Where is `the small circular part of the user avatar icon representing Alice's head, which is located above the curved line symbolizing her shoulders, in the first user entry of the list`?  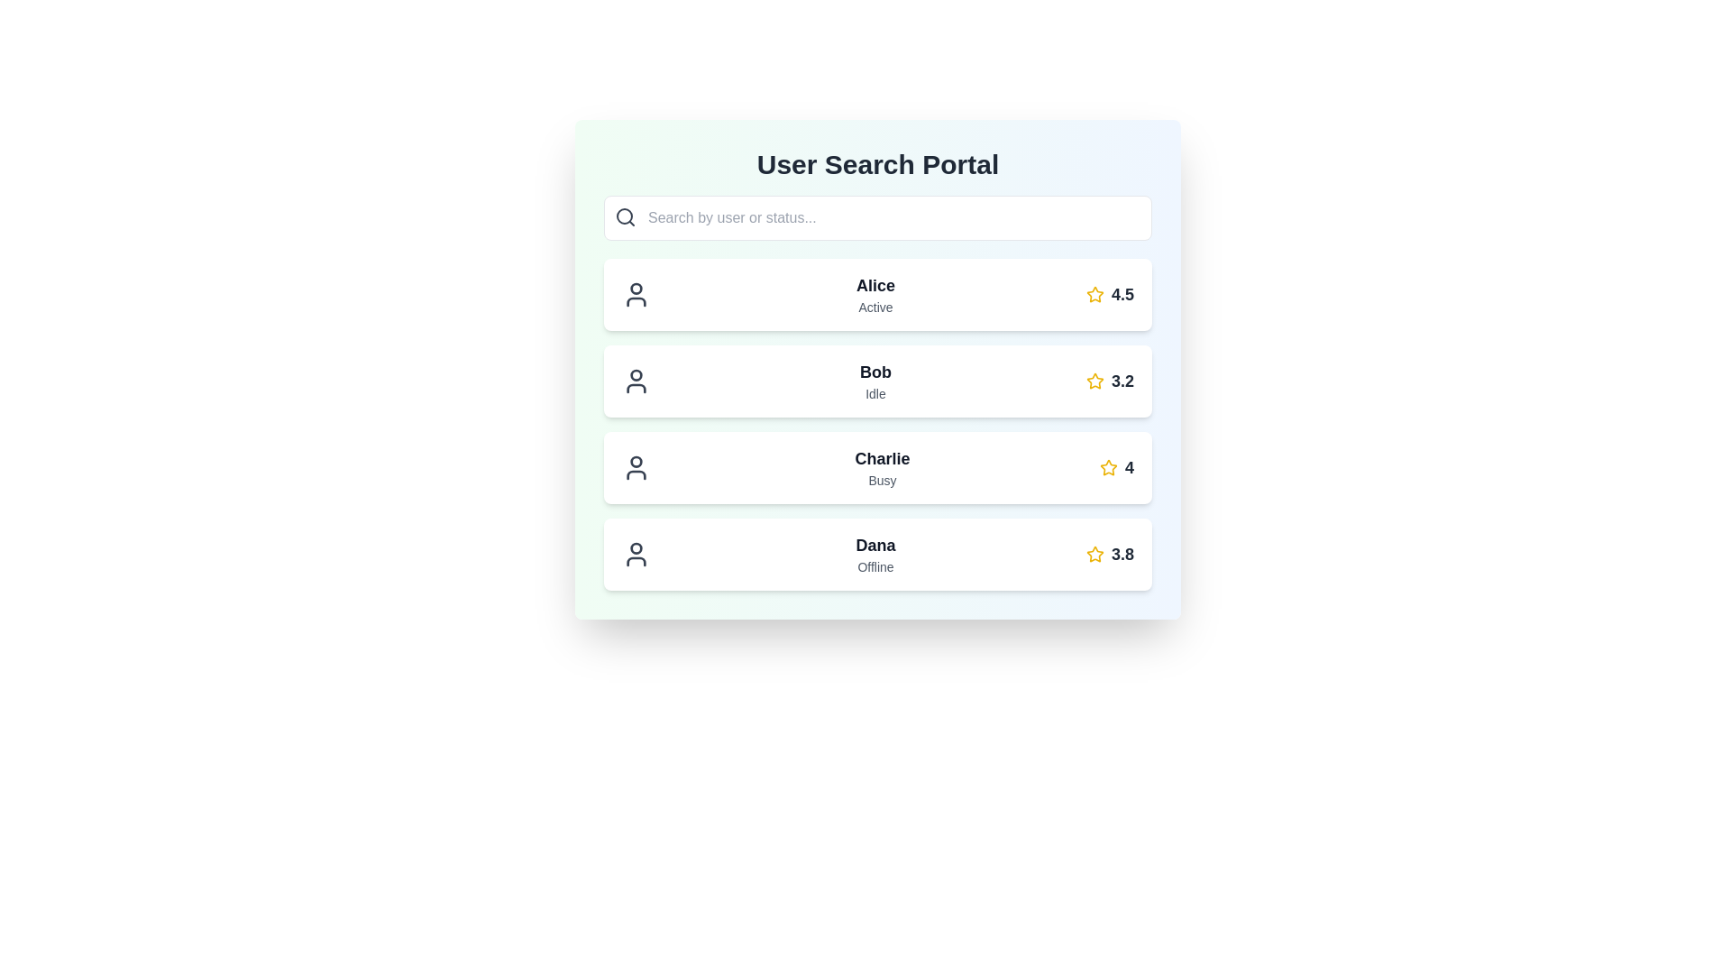
the small circular part of the user avatar icon representing Alice's head, which is located above the curved line symbolizing her shoulders, in the first user entry of the list is located at coordinates (636, 288).